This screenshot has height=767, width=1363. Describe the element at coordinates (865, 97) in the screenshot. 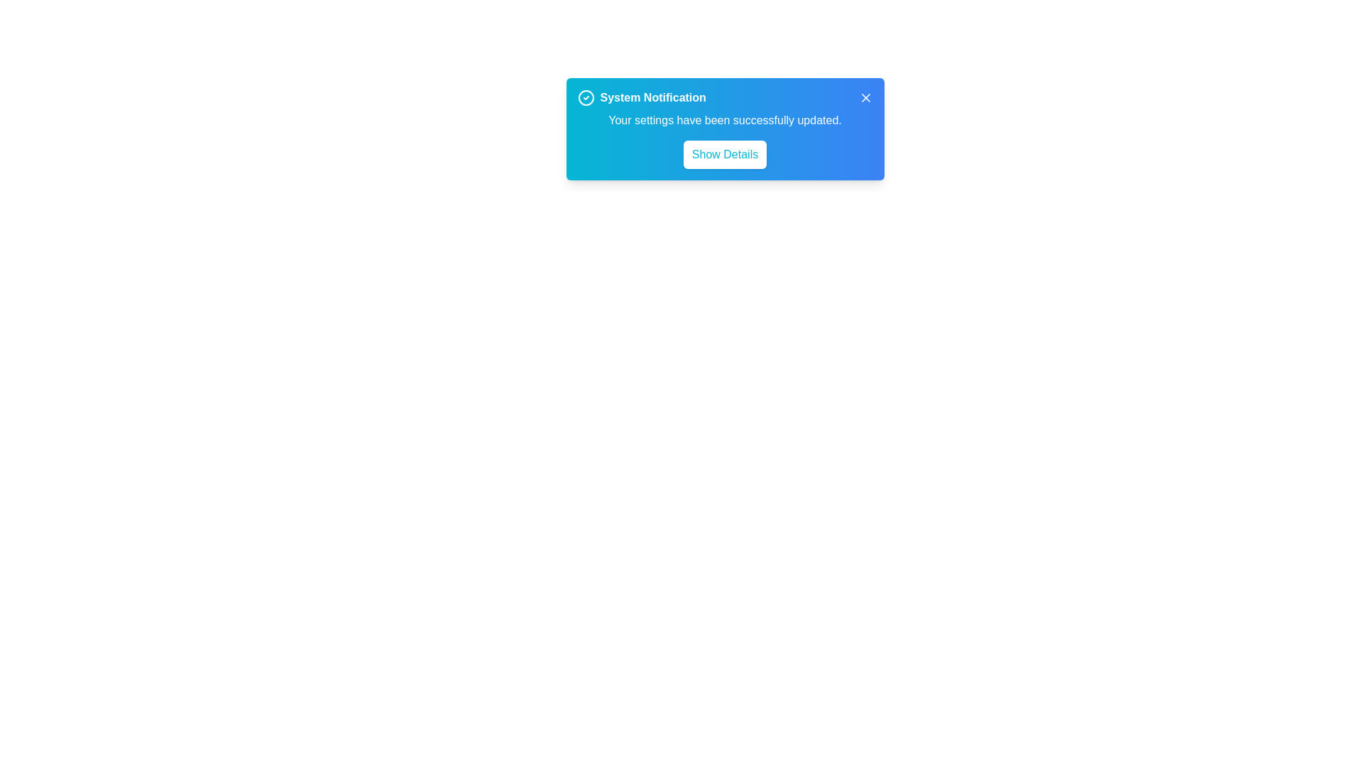

I see `the close button of the notification` at that location.